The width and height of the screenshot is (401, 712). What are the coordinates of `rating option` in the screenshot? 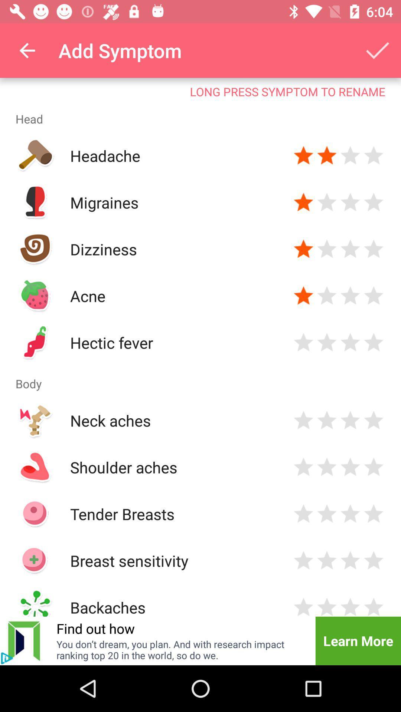 It's located at (350, 342).